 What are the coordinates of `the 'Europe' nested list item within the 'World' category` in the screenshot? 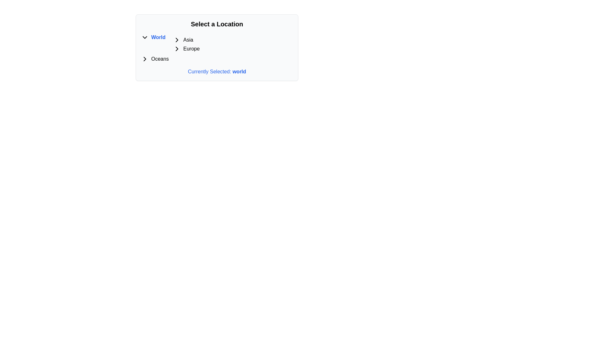 It's located at (182, 44).